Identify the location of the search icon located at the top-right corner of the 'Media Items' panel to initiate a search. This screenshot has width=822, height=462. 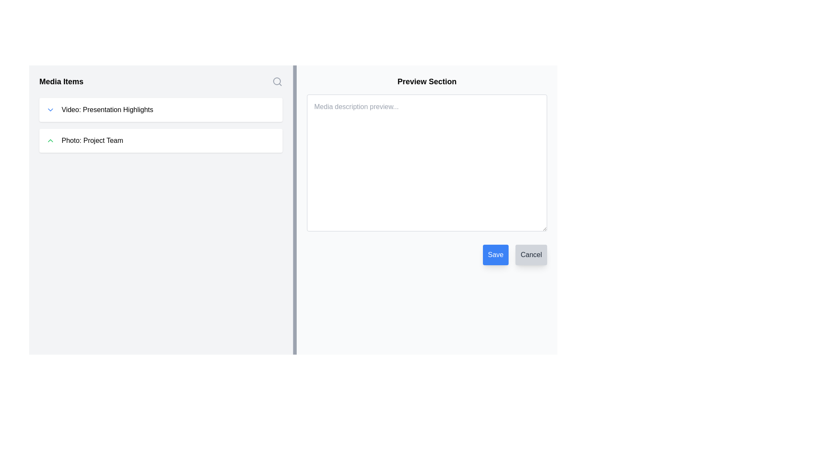
(277, 82).